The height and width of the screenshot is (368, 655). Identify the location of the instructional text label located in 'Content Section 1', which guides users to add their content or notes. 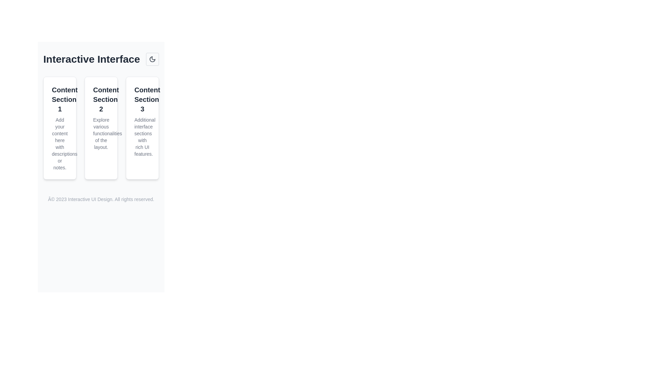
(60, 143).